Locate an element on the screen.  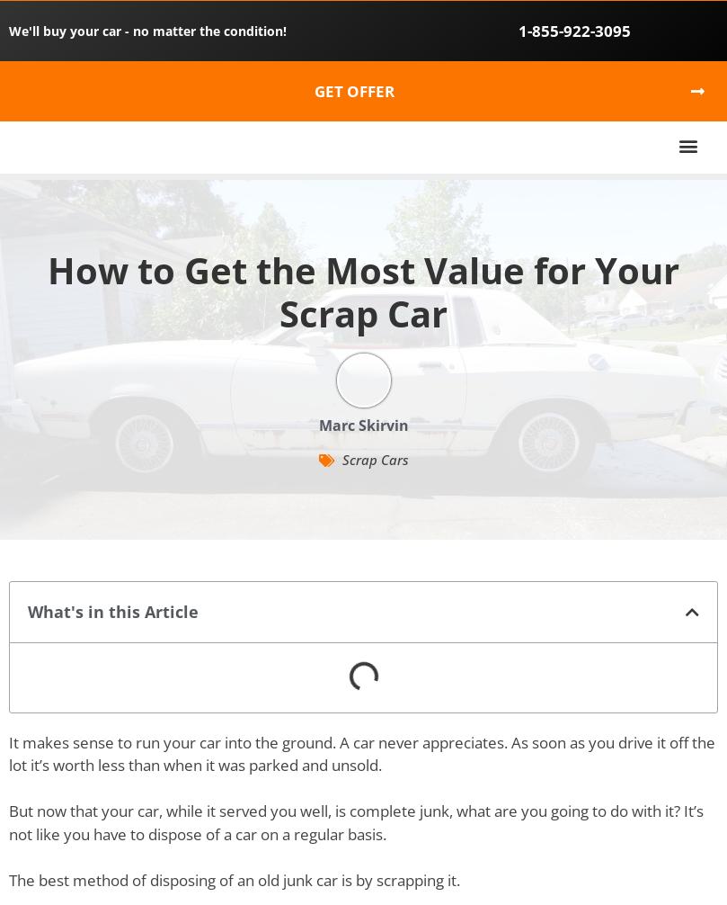
'How to Get the Most Value for Your Scrap Car' is located at coordinates (47, 290).